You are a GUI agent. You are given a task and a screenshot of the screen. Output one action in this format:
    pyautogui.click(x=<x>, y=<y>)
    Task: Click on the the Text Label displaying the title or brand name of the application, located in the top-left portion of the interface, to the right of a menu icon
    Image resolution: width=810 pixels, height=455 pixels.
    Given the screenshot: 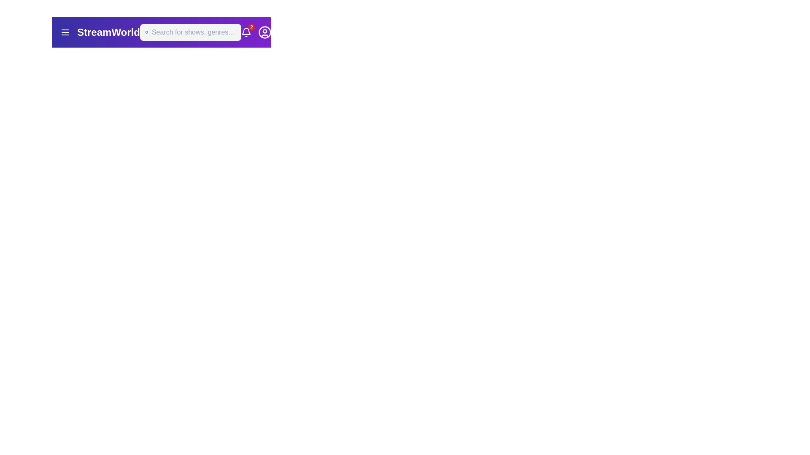 What is the action you would take?
    pyautogui.click(x=108, y=32)
    